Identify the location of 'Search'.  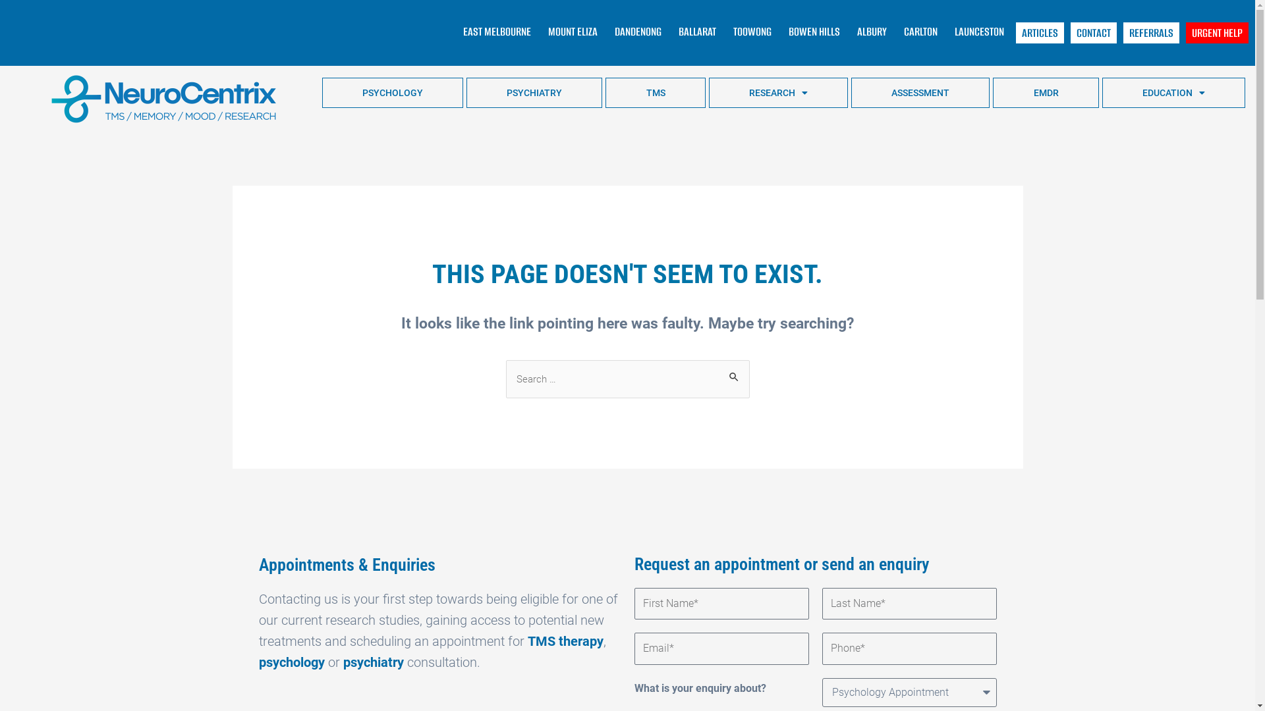
(733, 373).